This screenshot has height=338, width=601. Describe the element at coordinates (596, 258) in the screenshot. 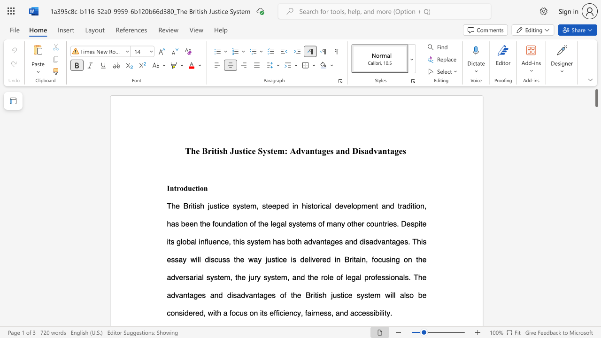

I see `the page's right scrollbar for downward movement` at that location.